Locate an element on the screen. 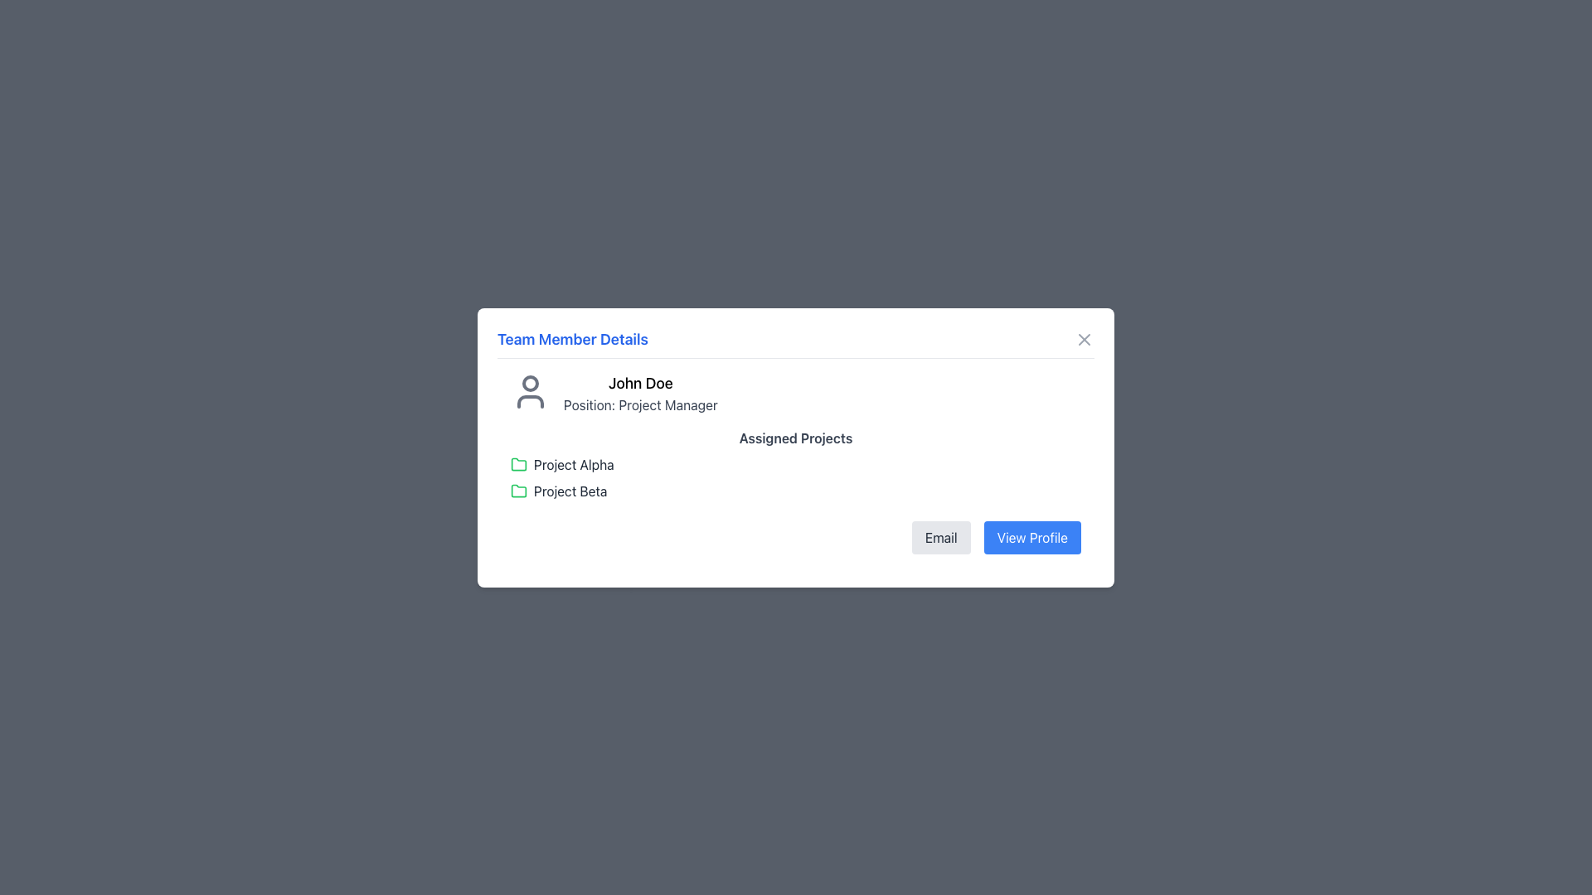  curved line icon component representing the bottom part of a human silhouette, located below the circular part of the SVG above the name 'John Doe' in the center of the dialog box is located at coordinates (529, 401).